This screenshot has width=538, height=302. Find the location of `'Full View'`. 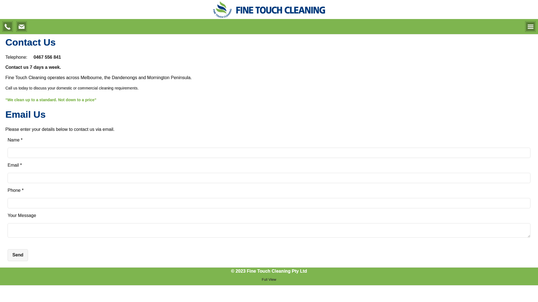

'Full View' is located at coordinates (268, 279).